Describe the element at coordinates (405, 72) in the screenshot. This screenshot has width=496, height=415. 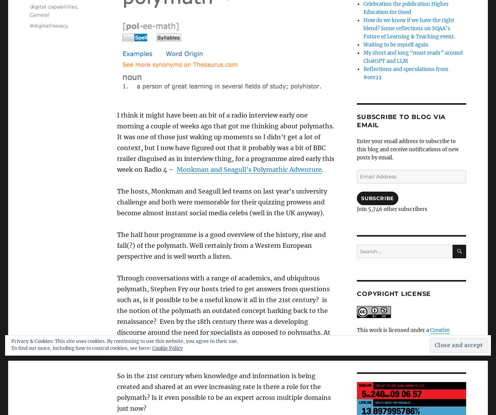
I see `'Reflections and speculations from #oer23'` at that location.